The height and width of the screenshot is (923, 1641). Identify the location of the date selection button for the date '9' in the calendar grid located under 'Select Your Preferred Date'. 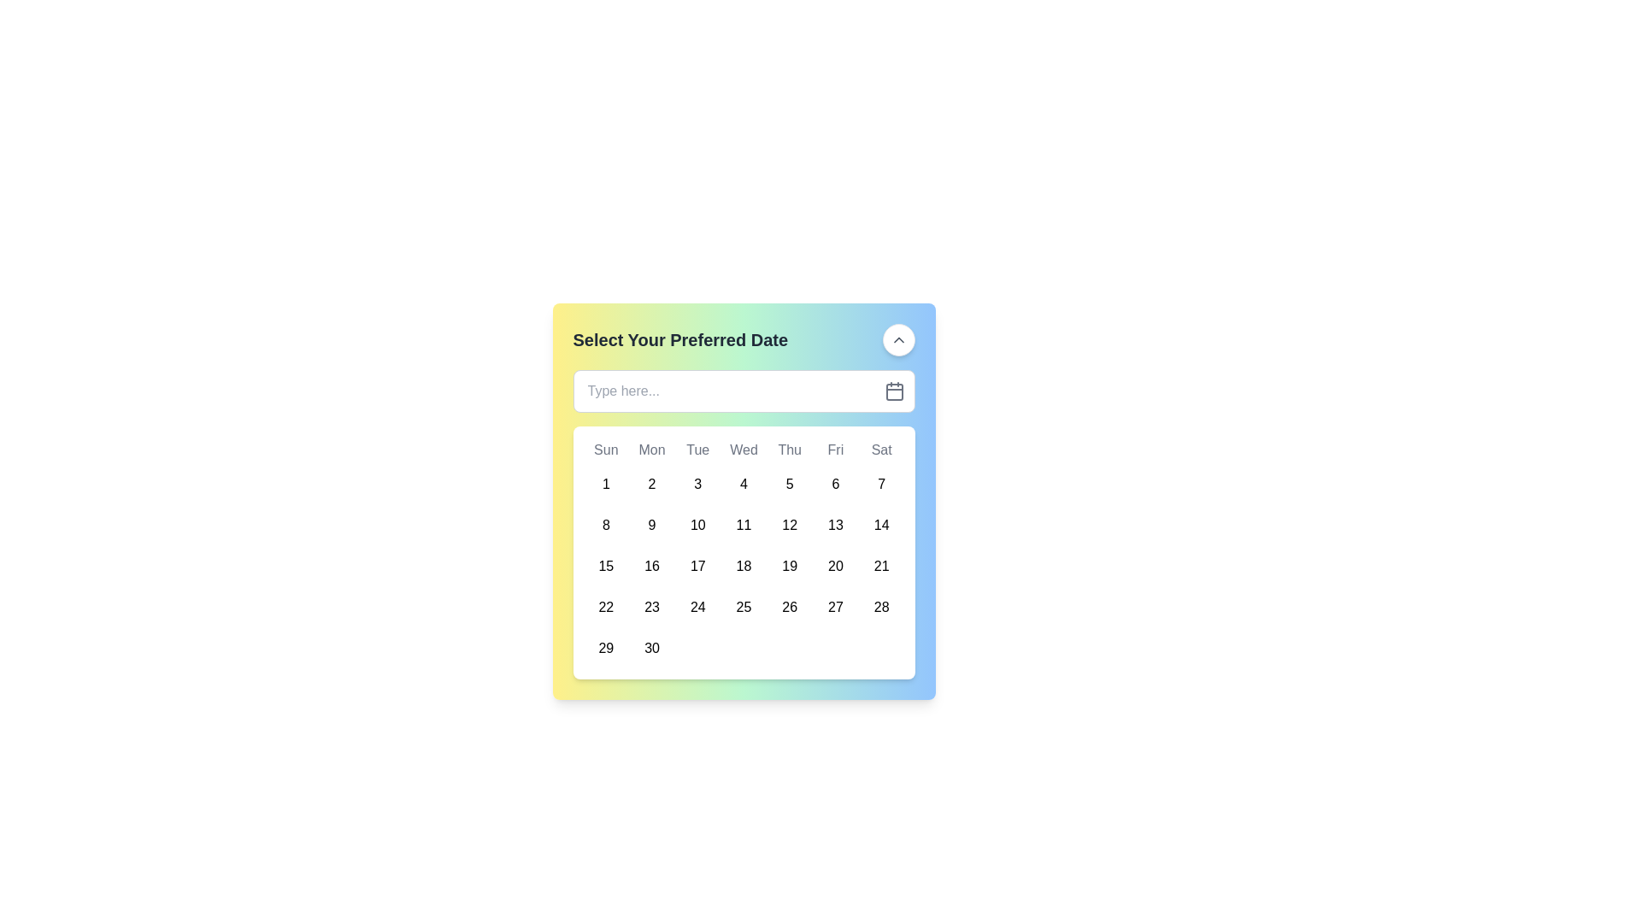
(651, 524).